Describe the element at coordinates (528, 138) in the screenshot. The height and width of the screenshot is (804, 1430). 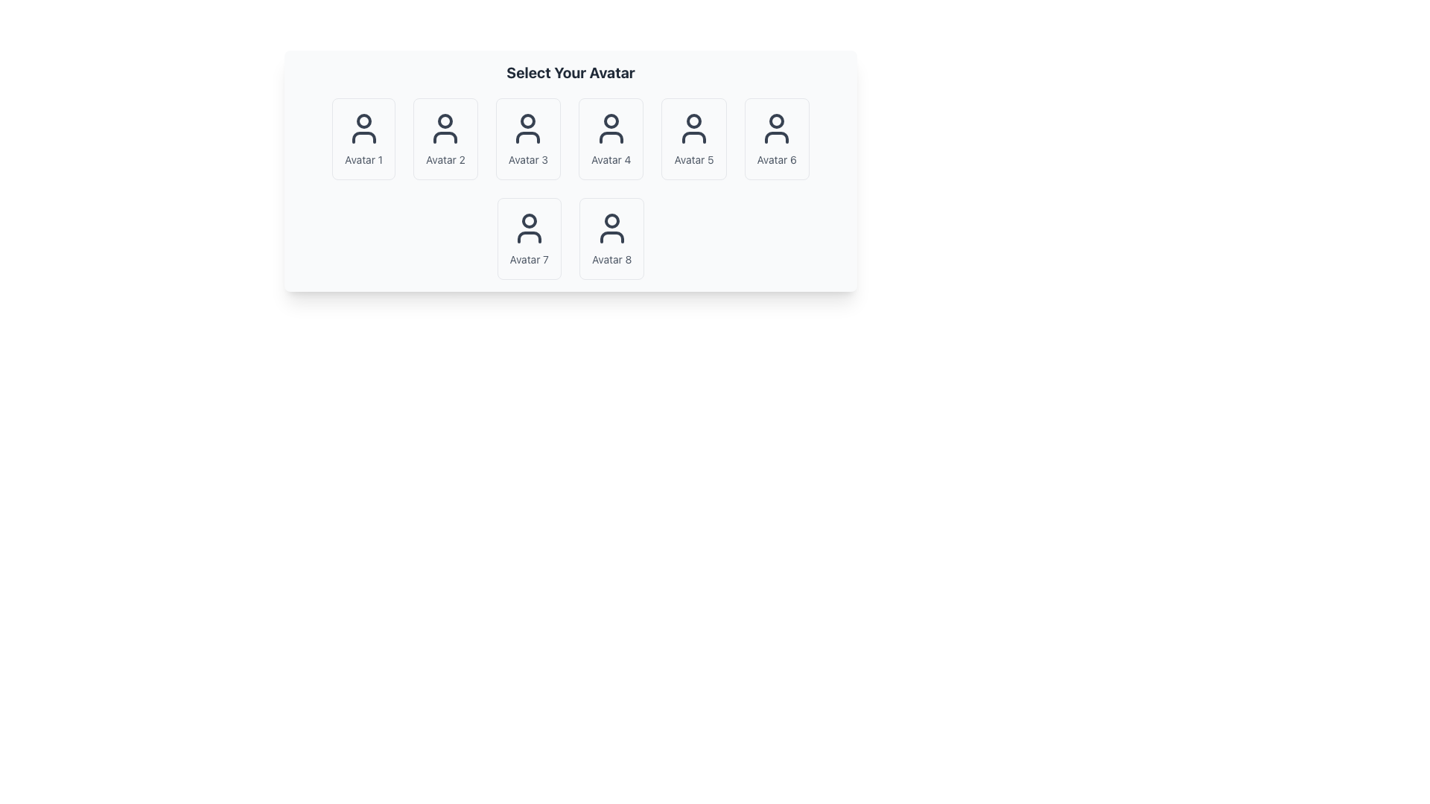
I see `user torso segment graphic representing 'Avatar 3' in the 'Select Your Avatar' section by targeting its center point` at that location.